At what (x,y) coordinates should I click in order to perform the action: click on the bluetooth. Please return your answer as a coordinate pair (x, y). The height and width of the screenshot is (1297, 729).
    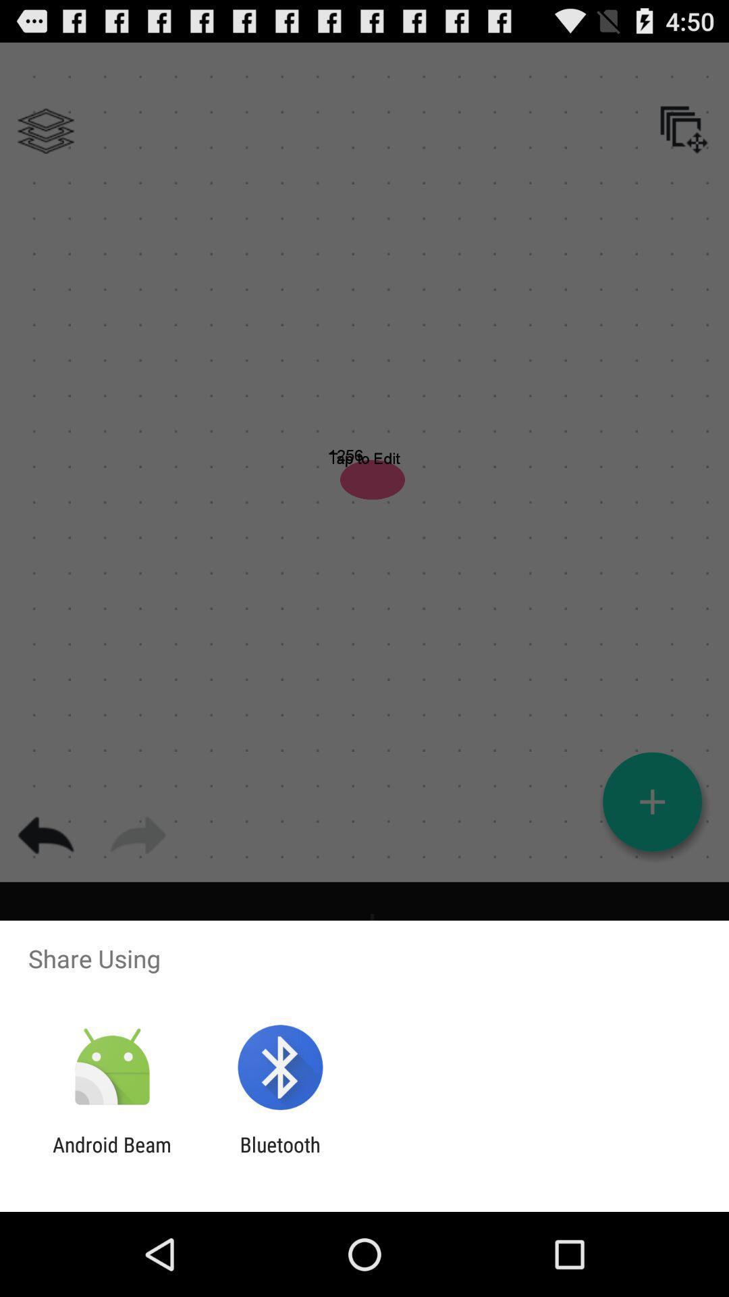
    Looking at the image, I should click on (279, 1156).